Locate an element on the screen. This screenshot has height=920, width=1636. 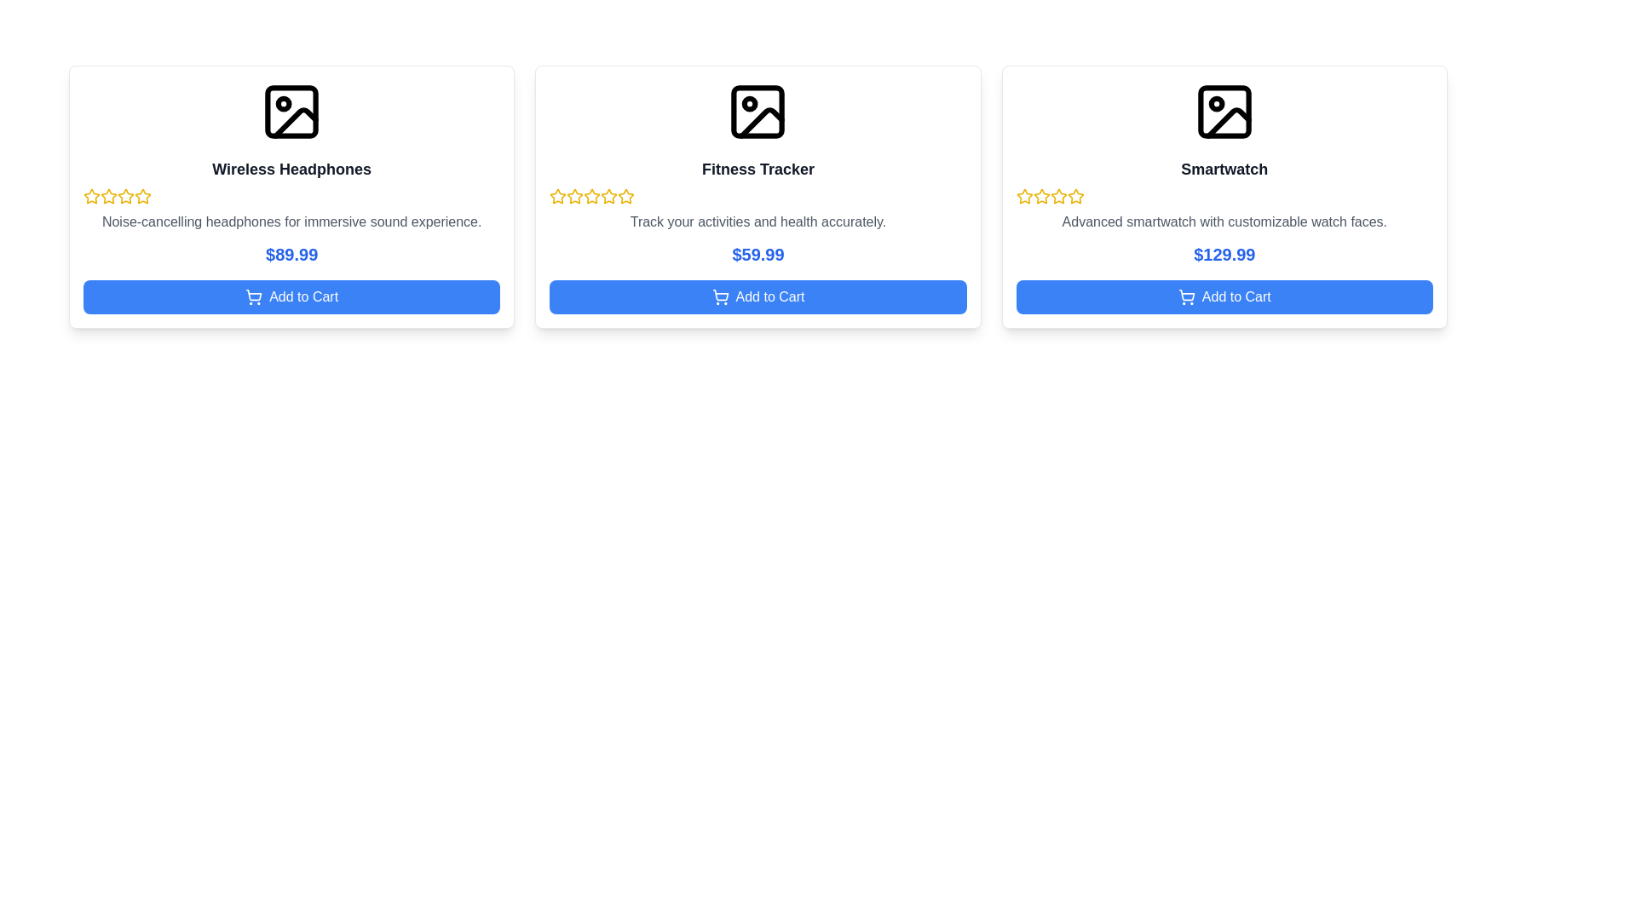
the SVG rectangle with rounded corners that symbolizes a smartwatch within the product card located at the rightmost position among three product cards is located at coordinates (1224, 112).